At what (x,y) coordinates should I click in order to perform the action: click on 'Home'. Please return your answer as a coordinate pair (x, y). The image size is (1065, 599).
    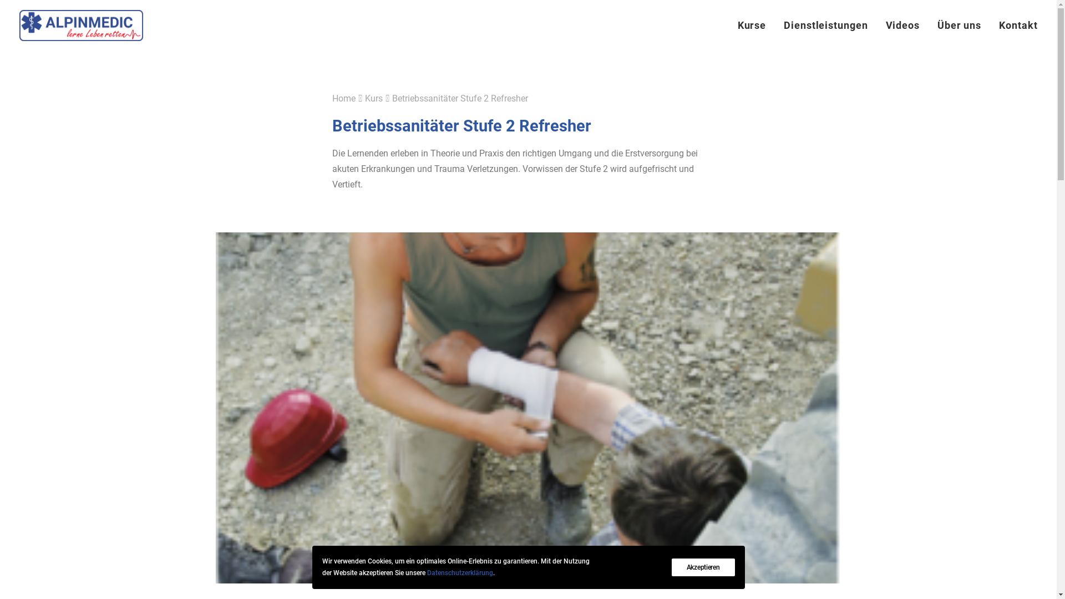
    Looking at the image, I should click on (343, 98).